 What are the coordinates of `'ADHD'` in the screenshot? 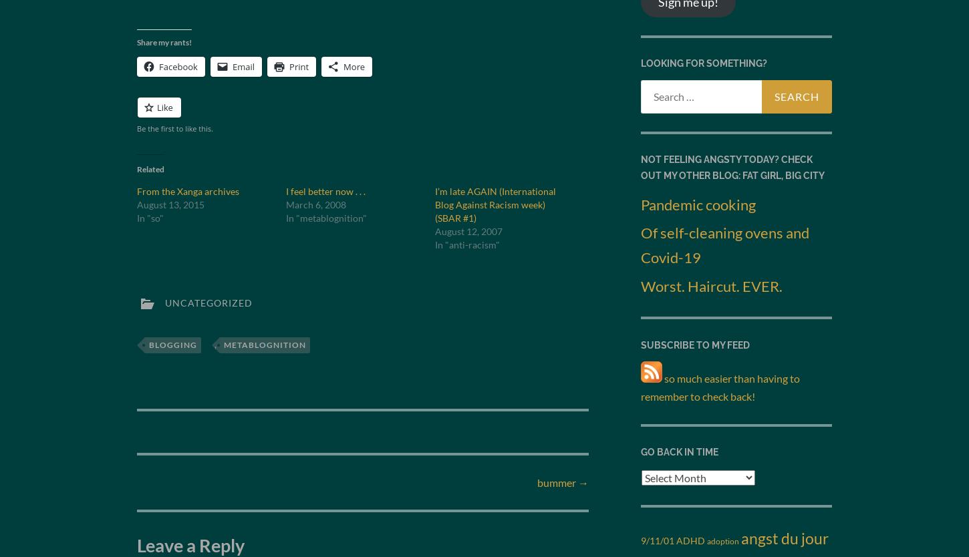 It's located at (690, 540).